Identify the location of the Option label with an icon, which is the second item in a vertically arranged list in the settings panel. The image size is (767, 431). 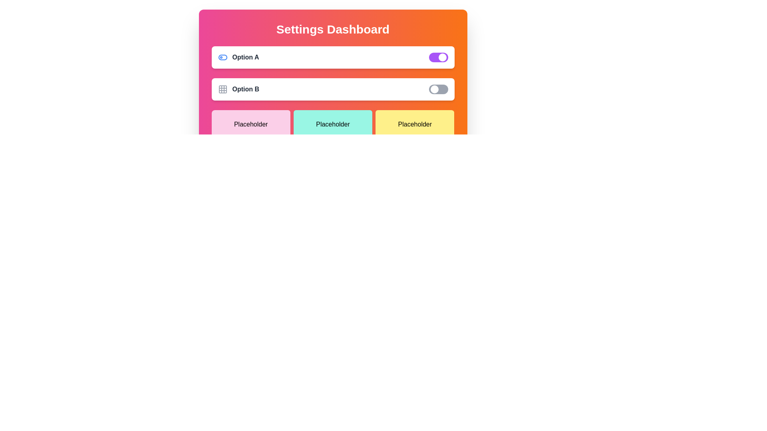
(238, 89).